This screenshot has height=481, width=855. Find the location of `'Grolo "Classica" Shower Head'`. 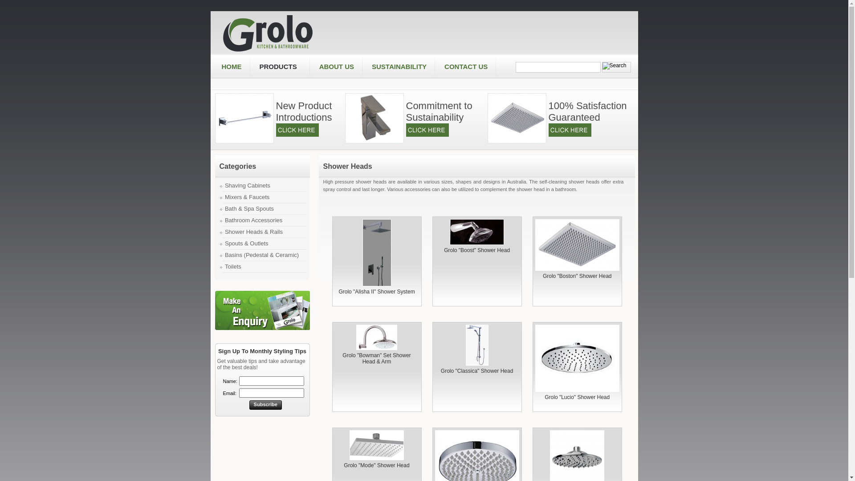

'Grolo "Classica" Shower Head' is located at coordinates (476, 371).